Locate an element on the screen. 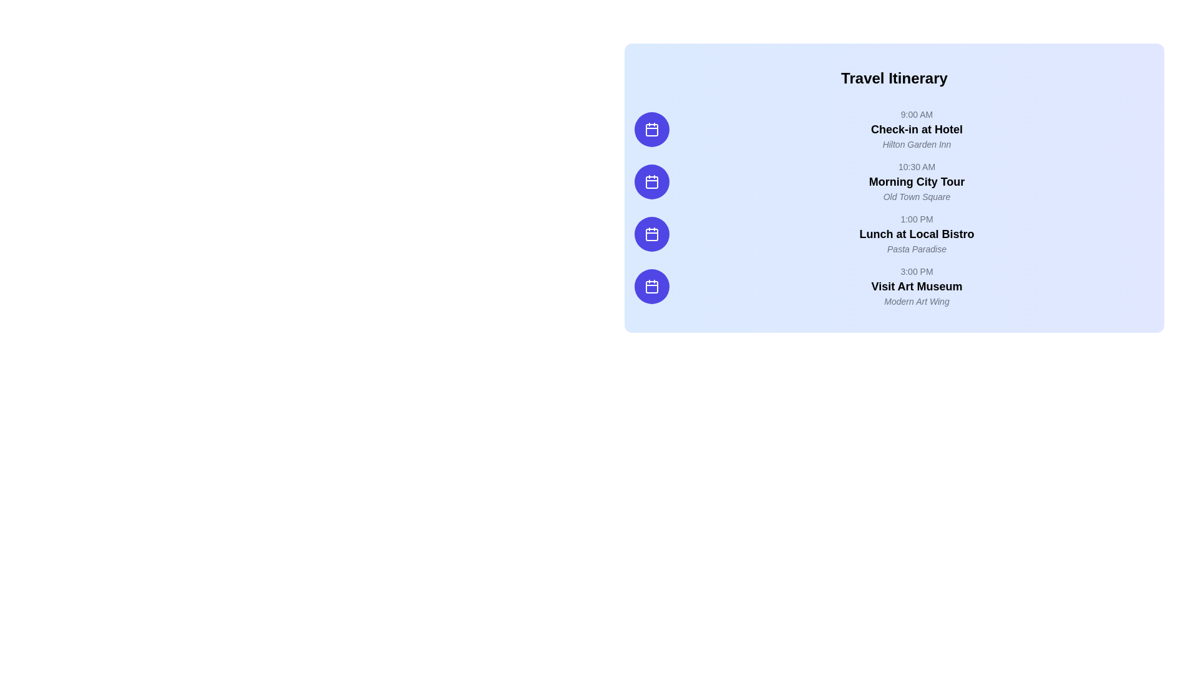 The width and height of the screenshot is (1198, 673). the third button from the top in the vertical stack is located at coordinates (651, 234).